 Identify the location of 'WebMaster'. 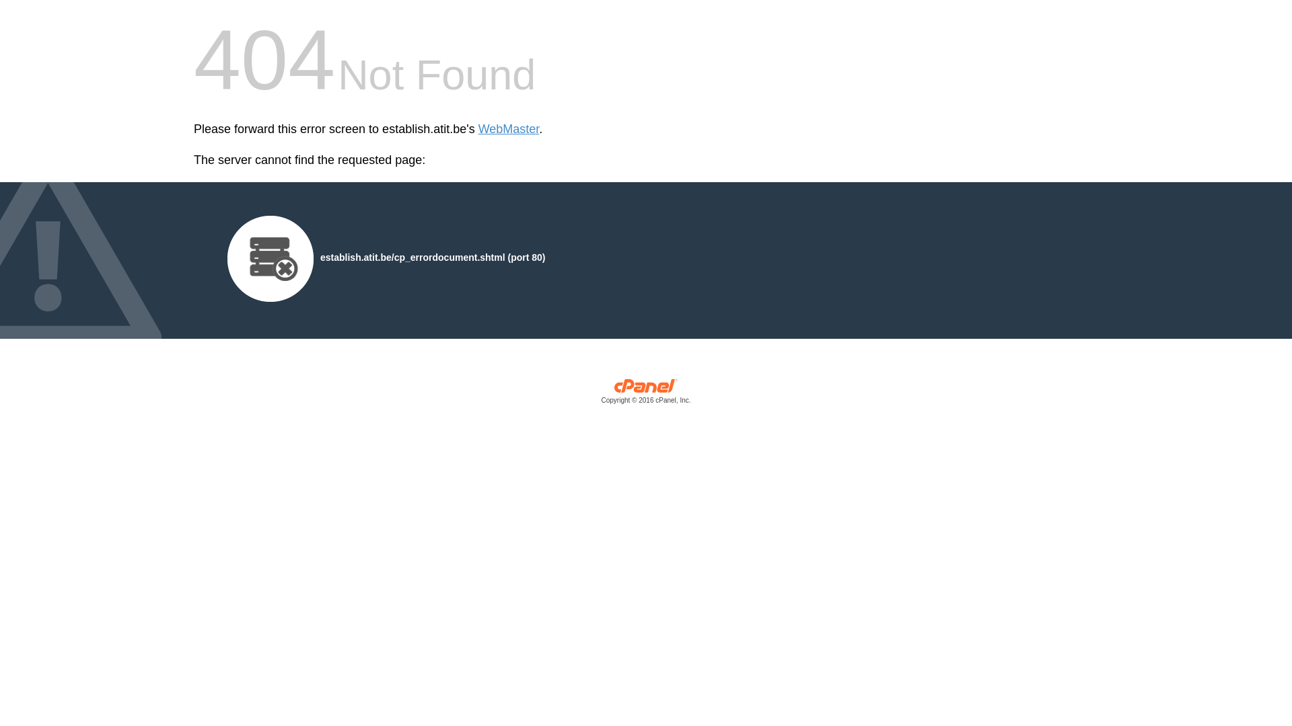
(508, 129).